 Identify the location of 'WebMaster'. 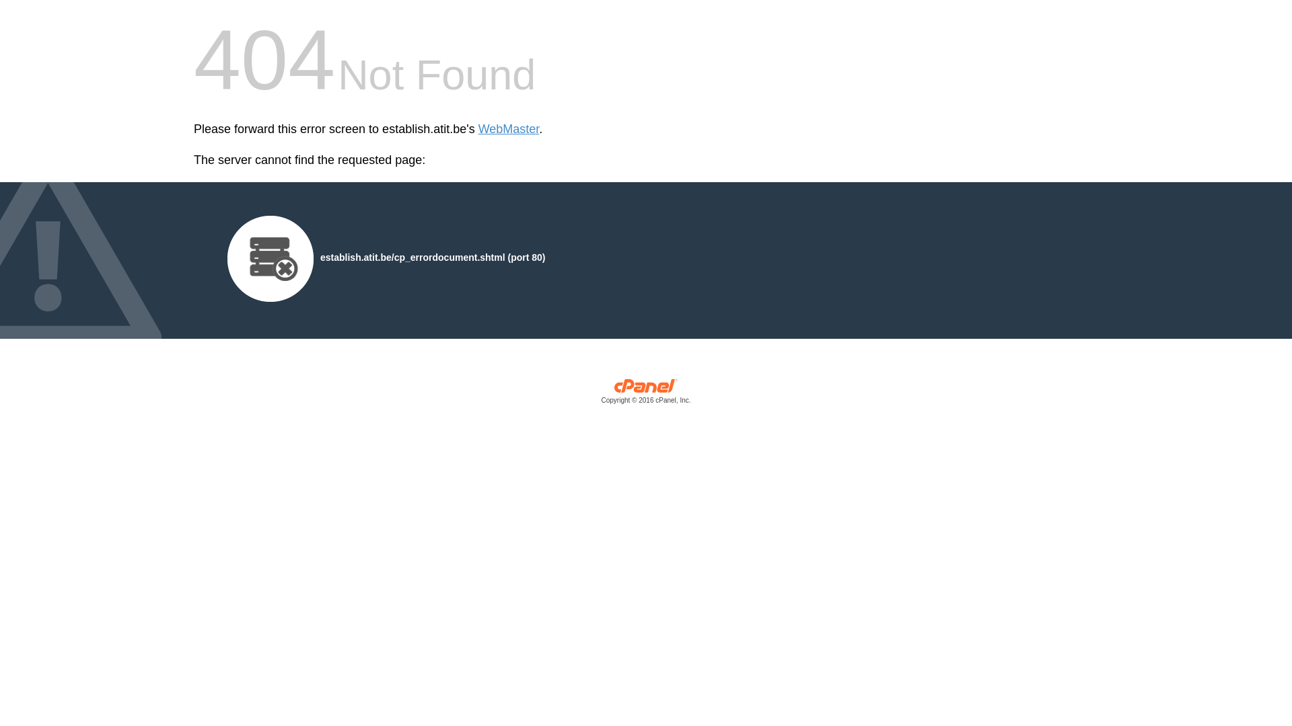
(508, 129).